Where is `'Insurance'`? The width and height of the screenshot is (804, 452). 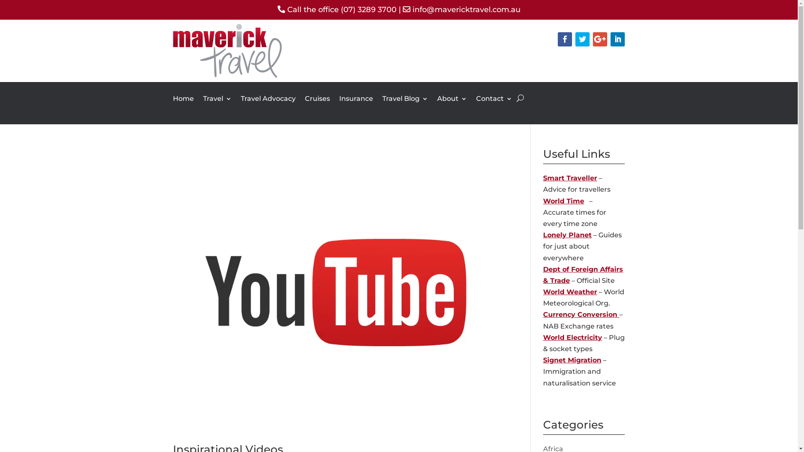
'Insurance' is located at coordinates (356, 104).